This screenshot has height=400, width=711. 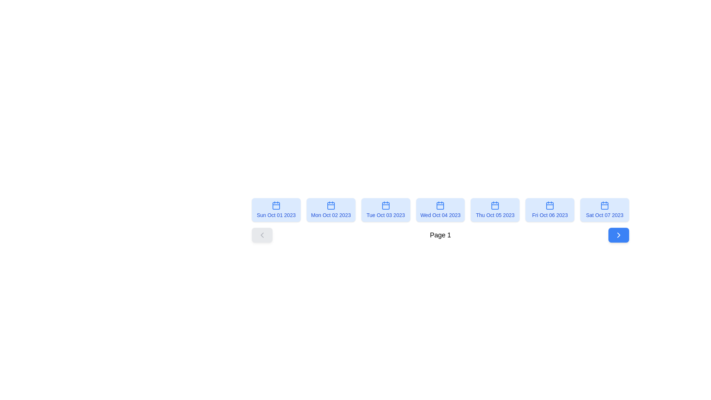 I want to click on the Interactive date selection block displaying 'Fri Oct 06 2023', so click(x=550, y=210).